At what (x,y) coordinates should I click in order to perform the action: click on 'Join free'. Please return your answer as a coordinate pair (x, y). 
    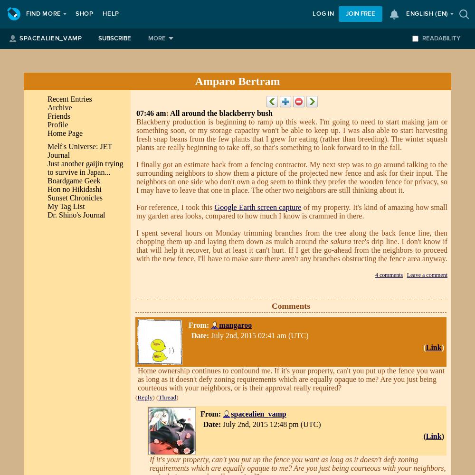
    Looking at the image, I should click on (345, 14).